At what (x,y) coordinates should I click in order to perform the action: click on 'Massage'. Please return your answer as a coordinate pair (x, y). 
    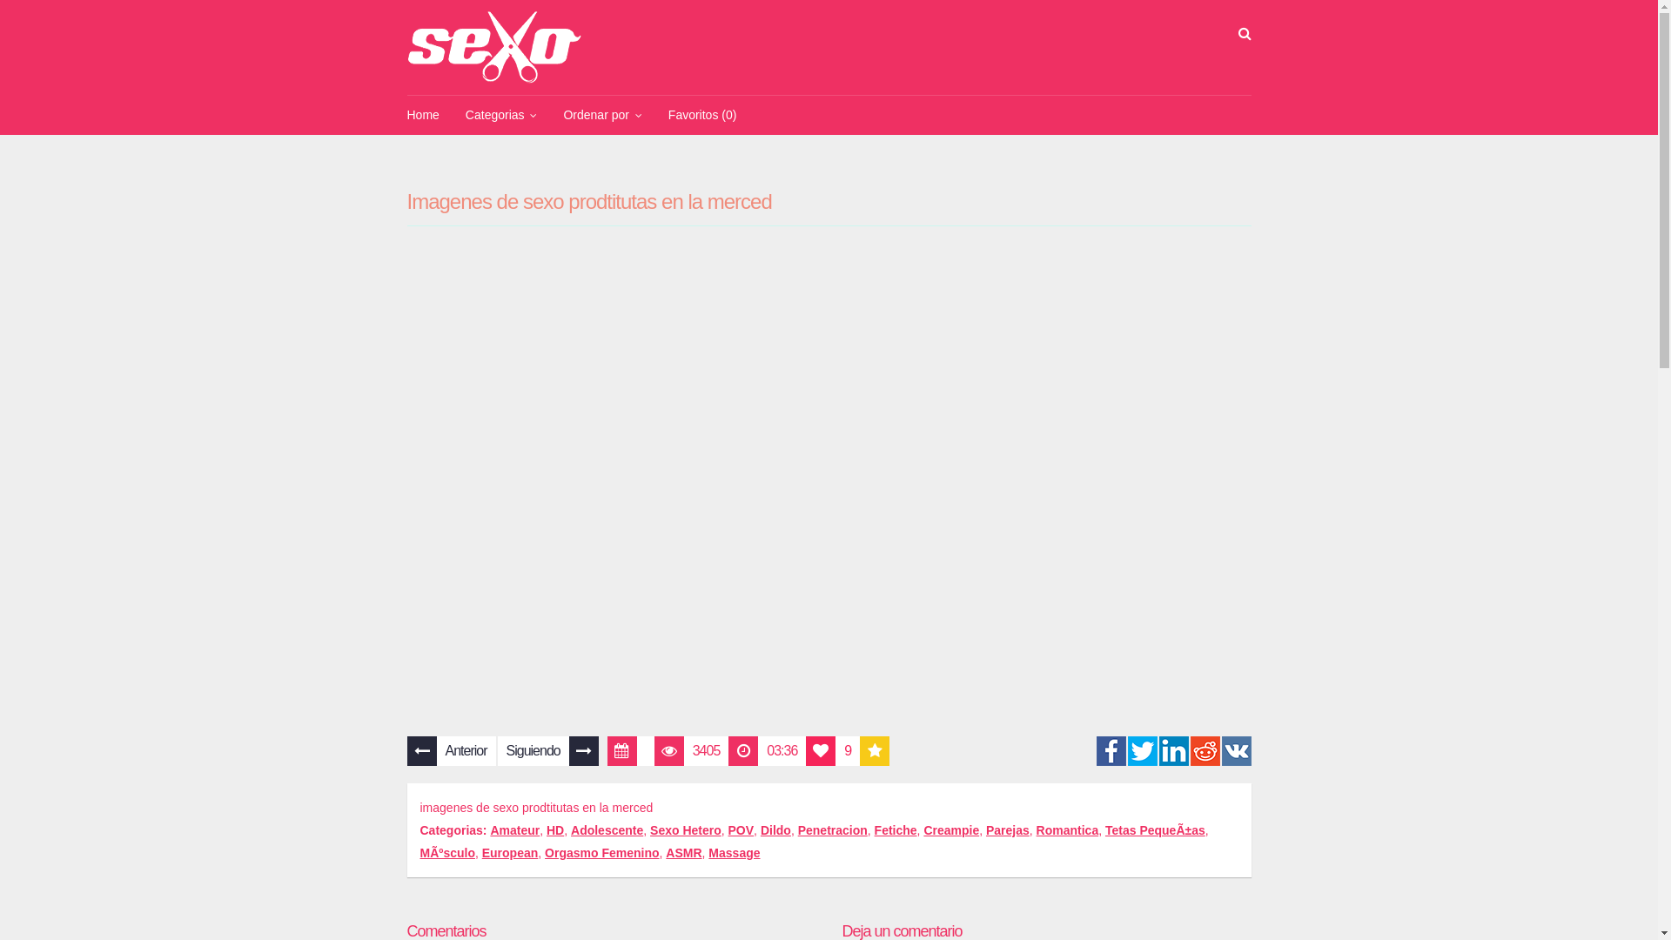
    Looking at the image, I should click on (734, 851).